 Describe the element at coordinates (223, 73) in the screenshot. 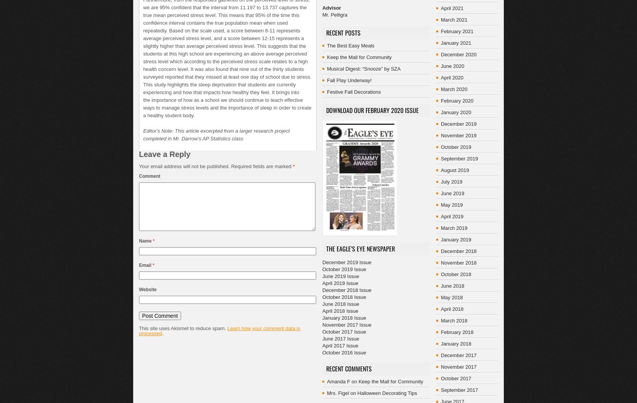

I see `'concern level. It was also found that nine out of the thirty students surveyed reported that they'` at that location.